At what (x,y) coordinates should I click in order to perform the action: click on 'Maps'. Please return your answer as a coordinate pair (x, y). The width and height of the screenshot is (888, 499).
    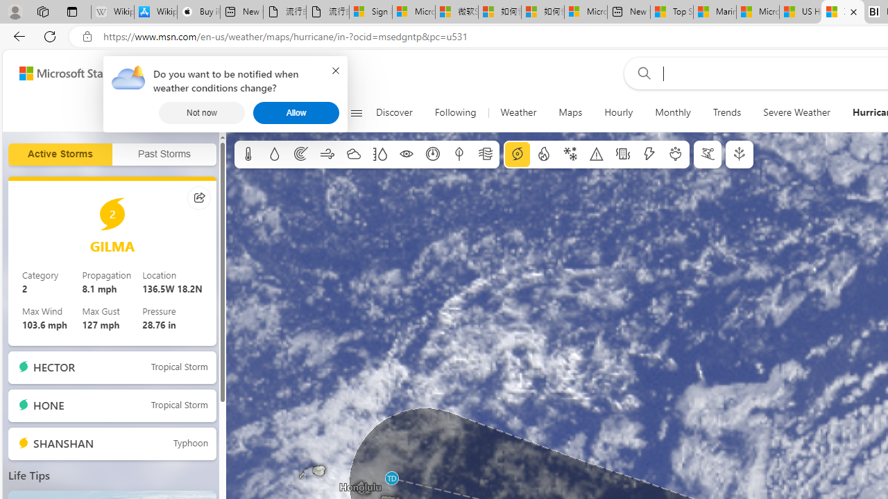
    Looking at the image, I should click on (570, 112).